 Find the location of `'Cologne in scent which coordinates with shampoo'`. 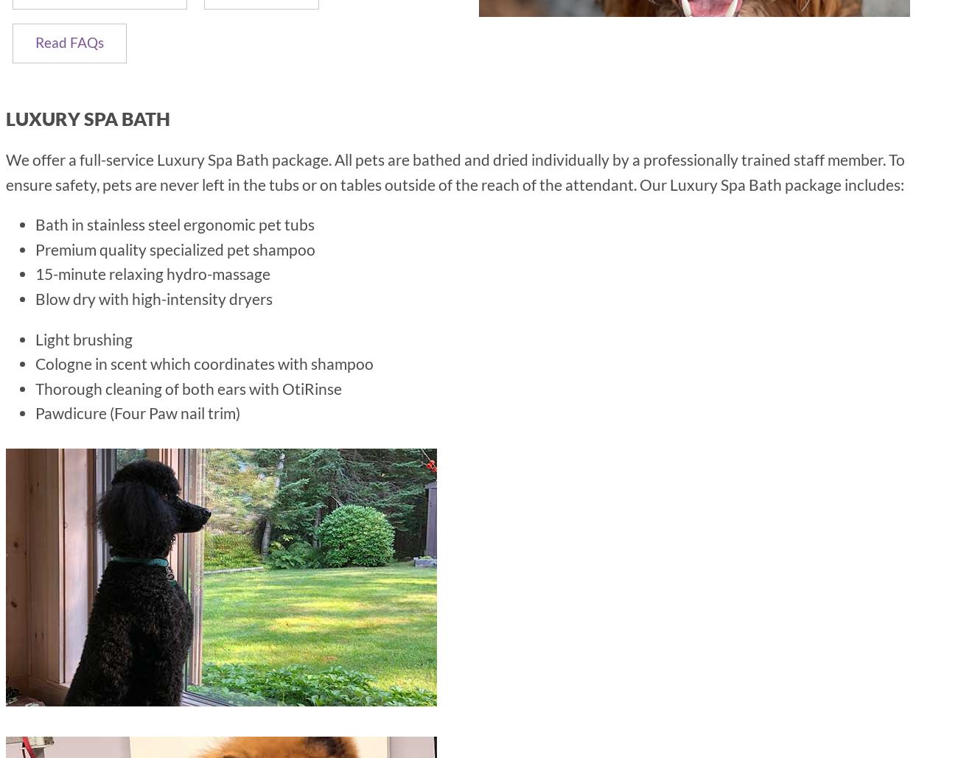

'Cologne in scent which coordinates with shampoo' is located at coordinates (204, 363).